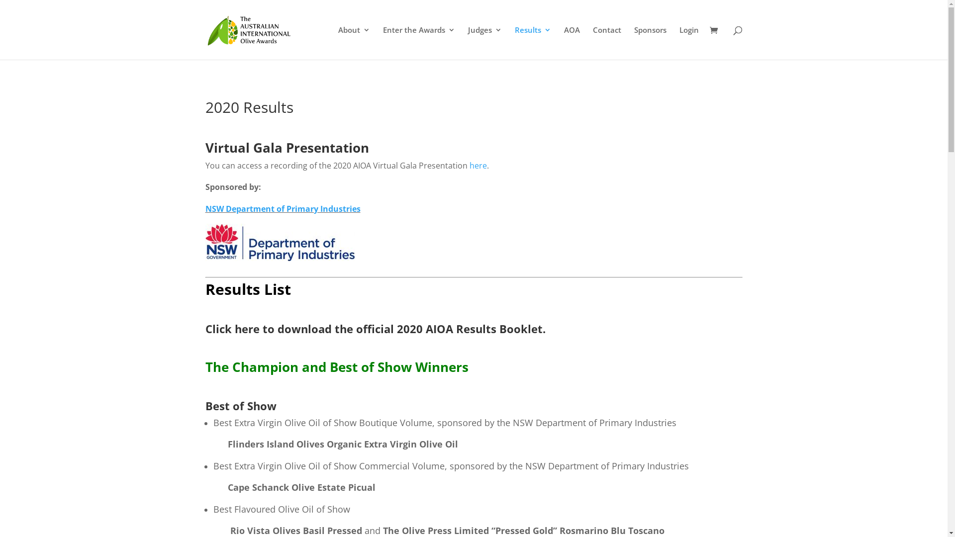 The height and width of the screenshot is (537, 955). Describe the element at coordinates (282, 208) in the screenshot. I see `'NSW Department of Primary Industries'` at that location.